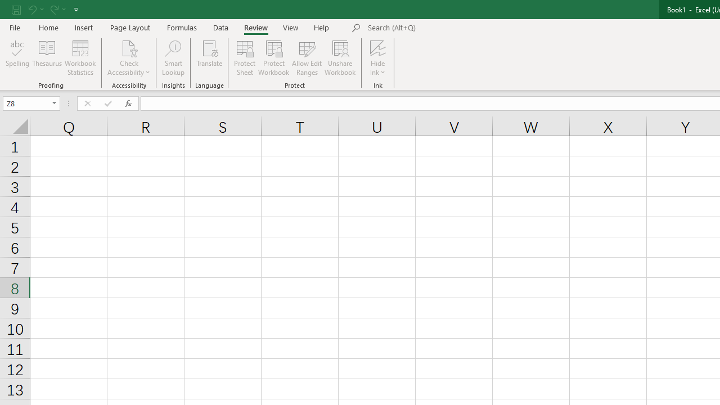  I want to click on 'Thesaurus...', so click(46, 58).